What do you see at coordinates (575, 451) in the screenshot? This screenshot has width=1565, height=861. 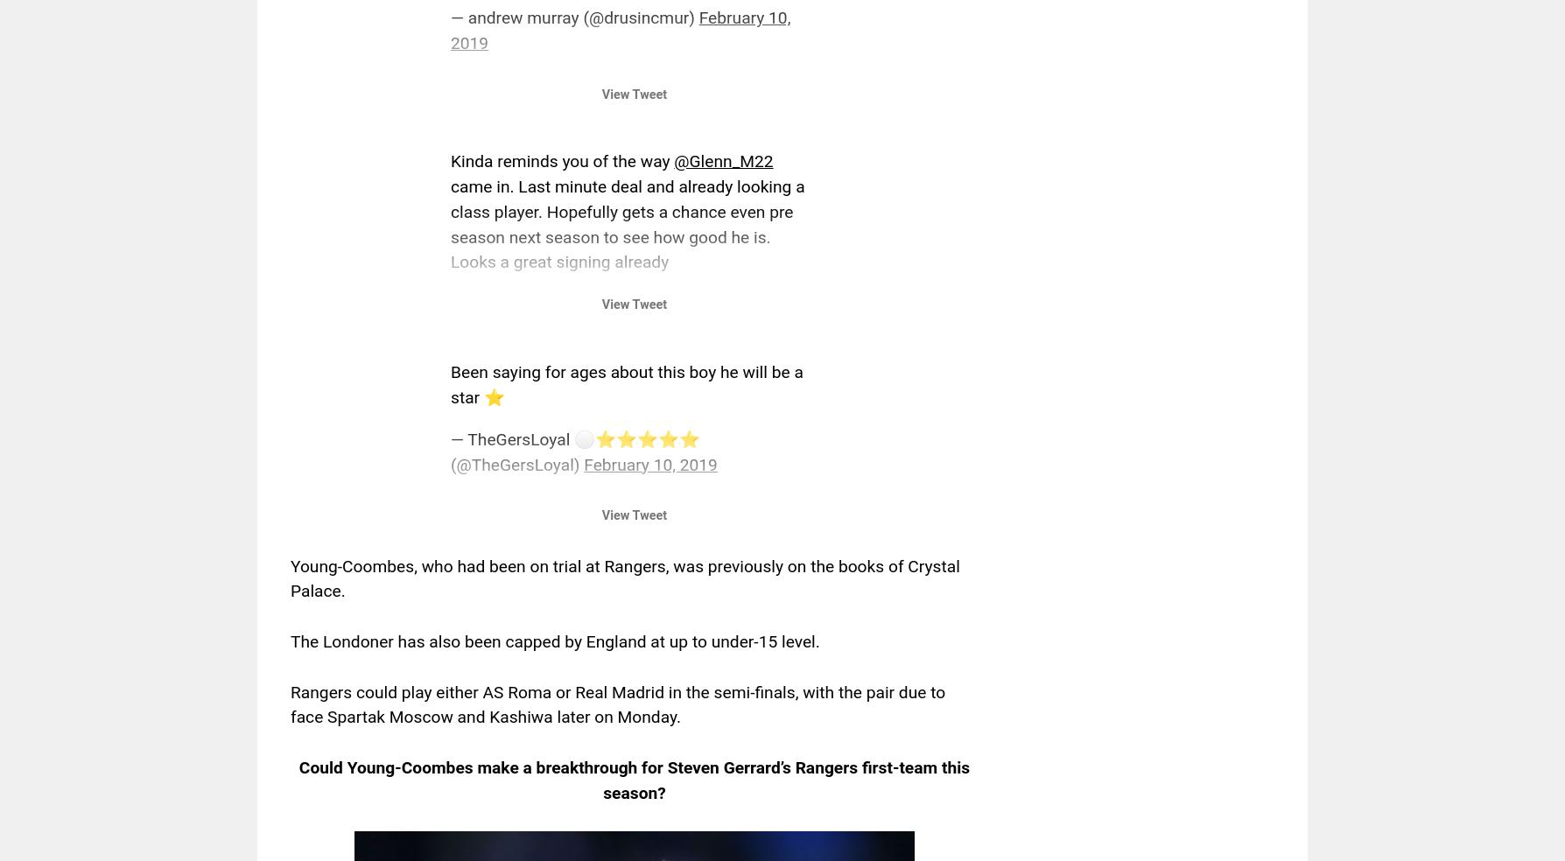 I see `'— TheGersLoyal ⚪️⭐️⭐️⭐️⭐️⭐️ (@TheGersLoyal)'` at bounding box center [575, 451].